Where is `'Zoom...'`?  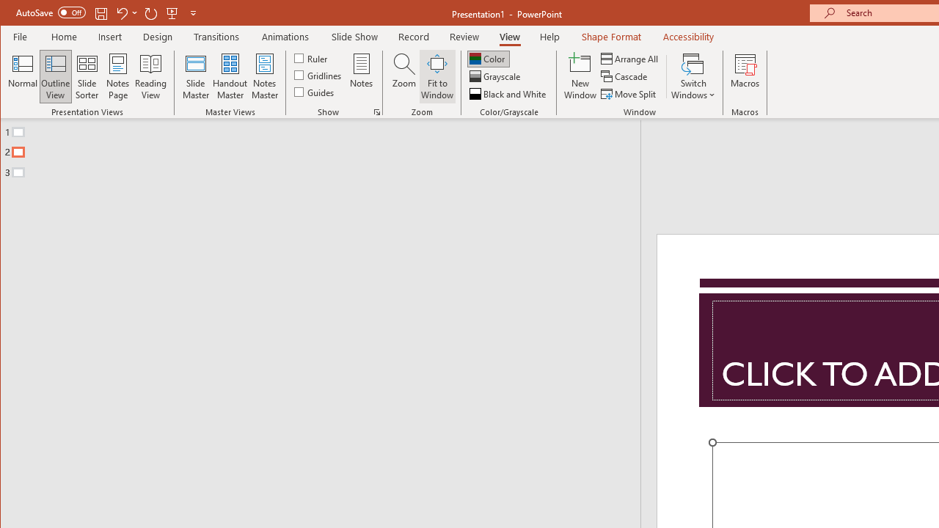
'Zoom...' is located at coordinates (404, 76).